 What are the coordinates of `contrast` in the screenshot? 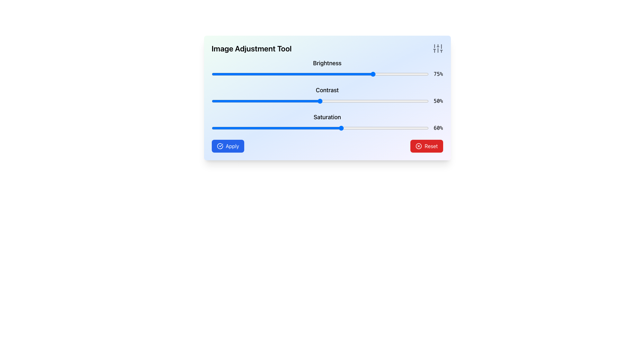 It's located at (220, 101).